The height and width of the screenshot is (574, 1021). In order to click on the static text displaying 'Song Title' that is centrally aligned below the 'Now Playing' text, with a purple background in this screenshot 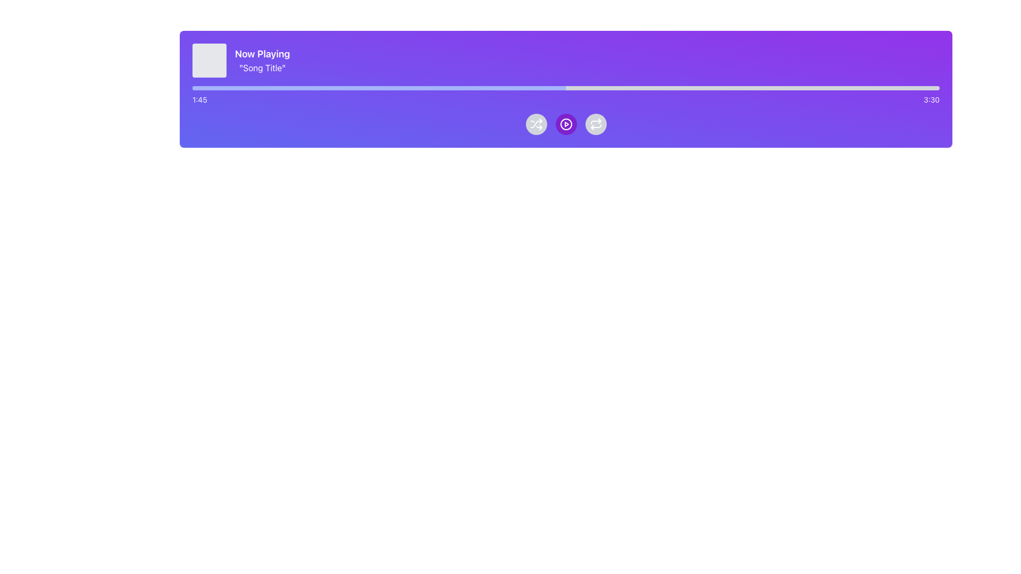, I will do `click(262, 67)`.